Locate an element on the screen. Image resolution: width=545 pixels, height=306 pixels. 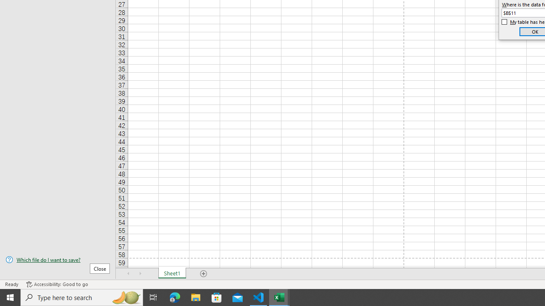
'Close' is located at coordinates (100, 268).